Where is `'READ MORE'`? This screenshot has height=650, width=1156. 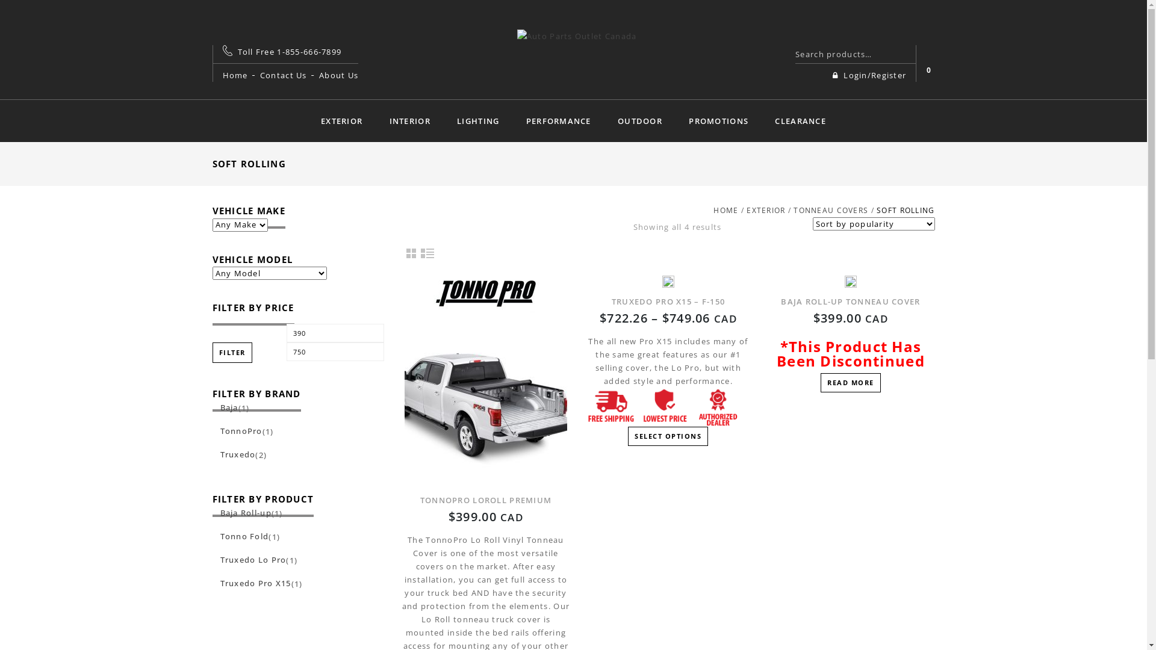 'READ MORE' is located at coordinates (850, 383).